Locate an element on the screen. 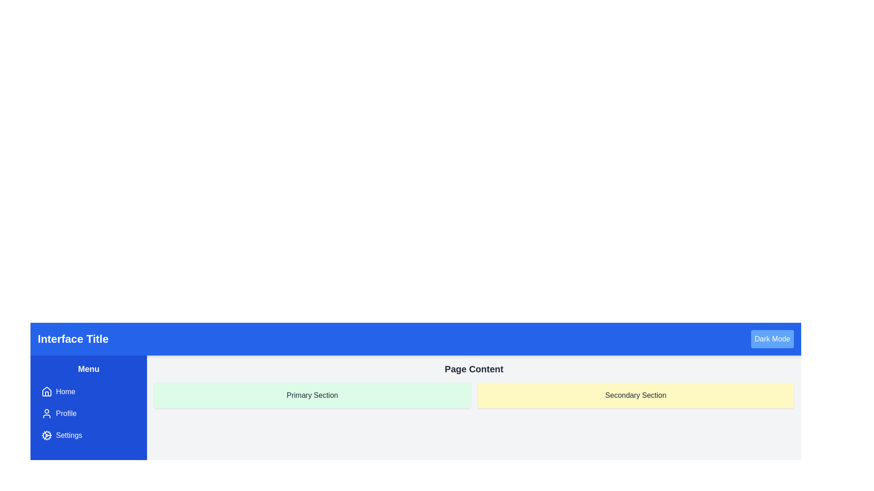  the cogwheel-shaped icon representing settings, located in the vertical navigation menu between the 'Profile' and 'Settings' labels is located at coordinates (46, 435).